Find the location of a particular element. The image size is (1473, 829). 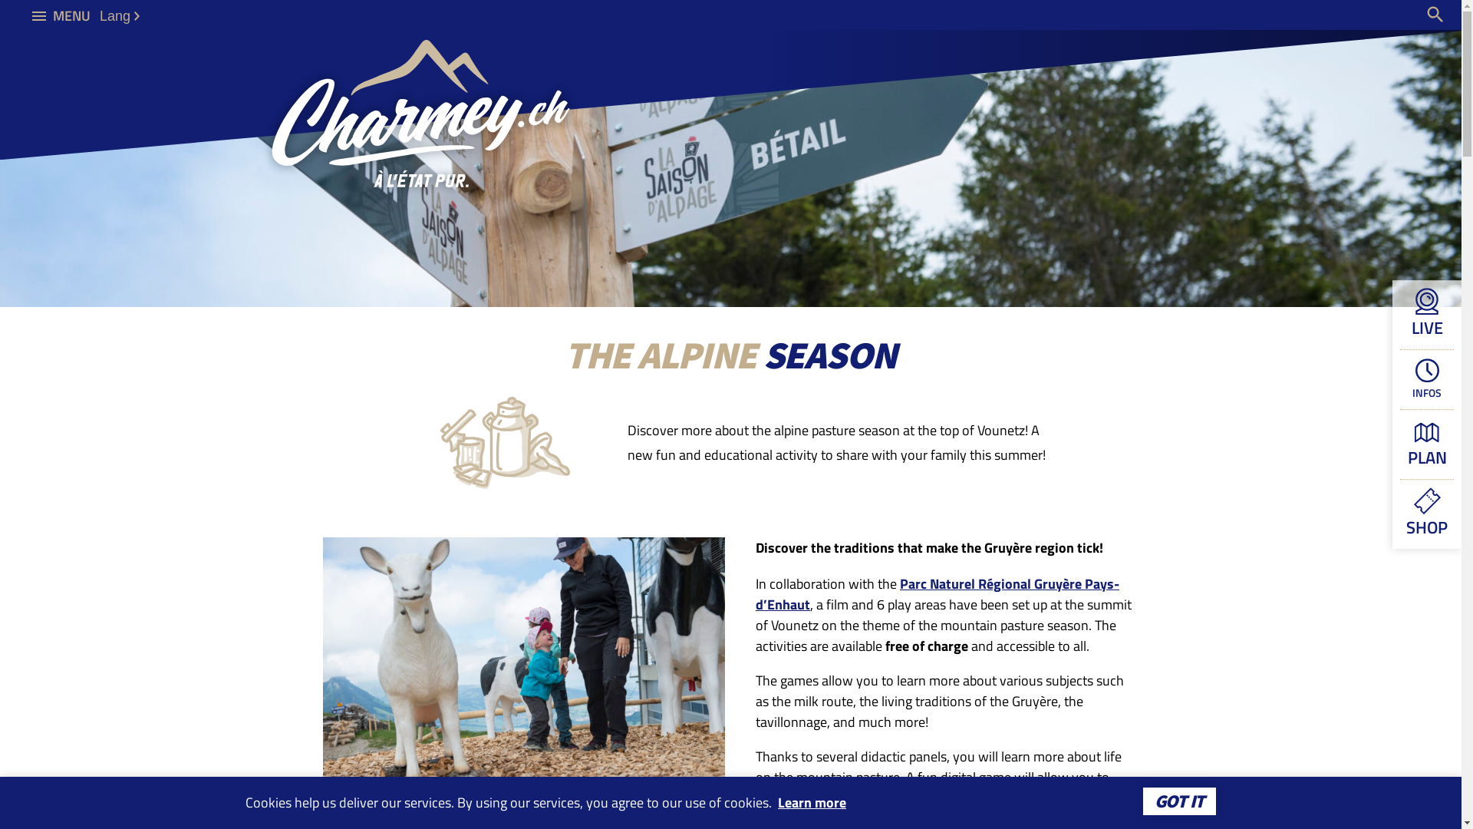

'MENU' is located at coordinates (61, 15).